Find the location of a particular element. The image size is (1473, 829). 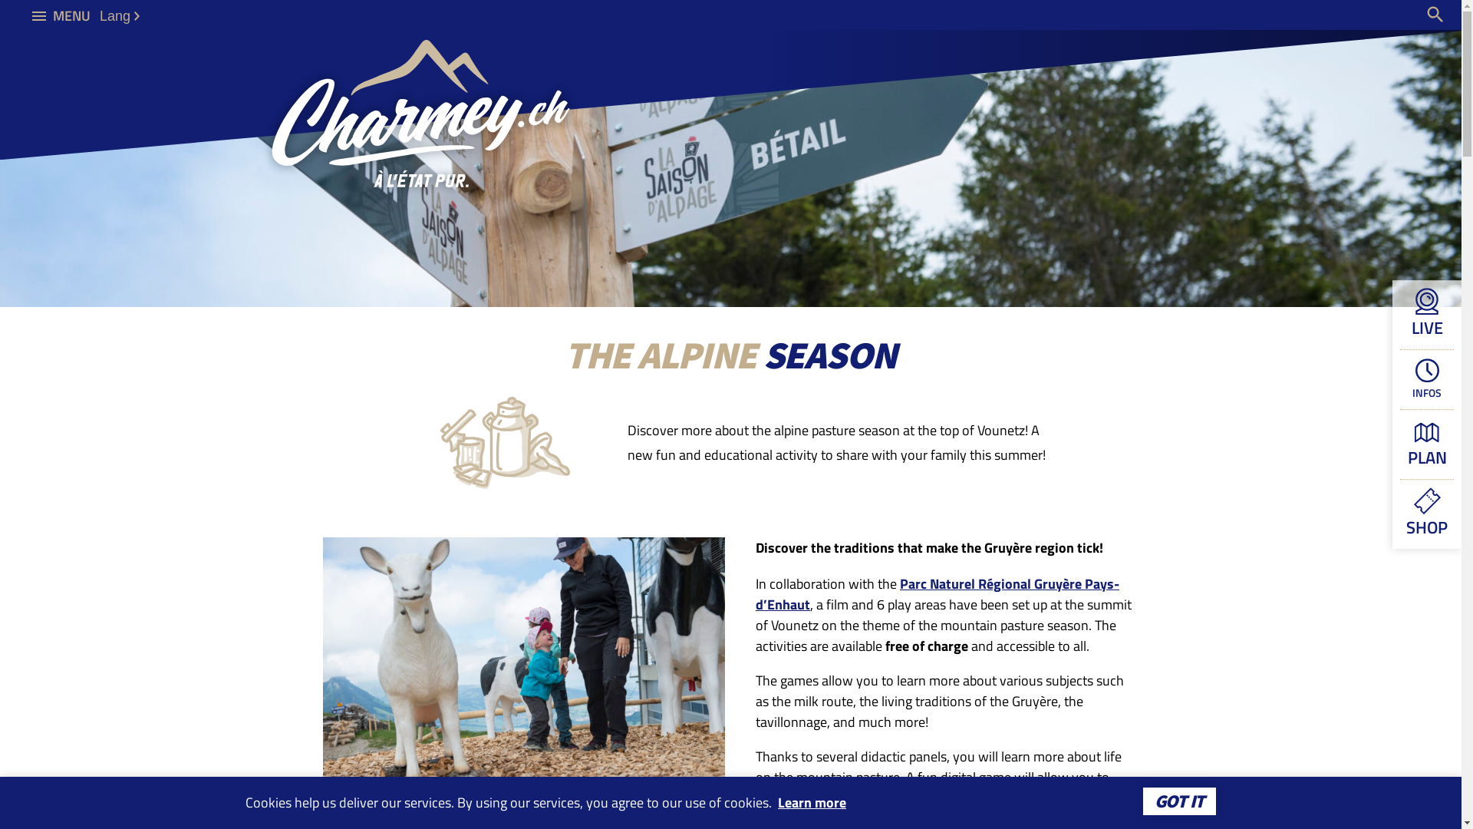

'MENU' is located at coordinates (61, 15).